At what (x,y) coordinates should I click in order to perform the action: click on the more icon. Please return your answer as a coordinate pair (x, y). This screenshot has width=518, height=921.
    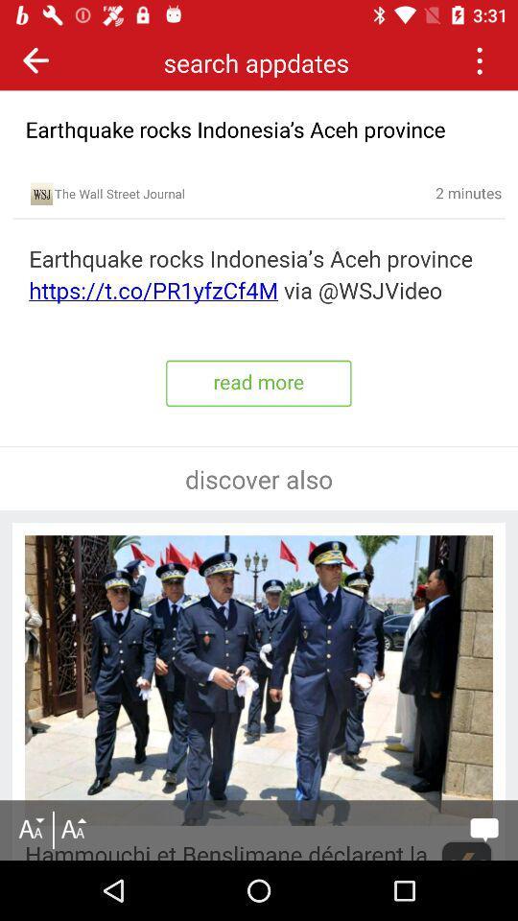
    Looking at the image, I should click on (478, 59).